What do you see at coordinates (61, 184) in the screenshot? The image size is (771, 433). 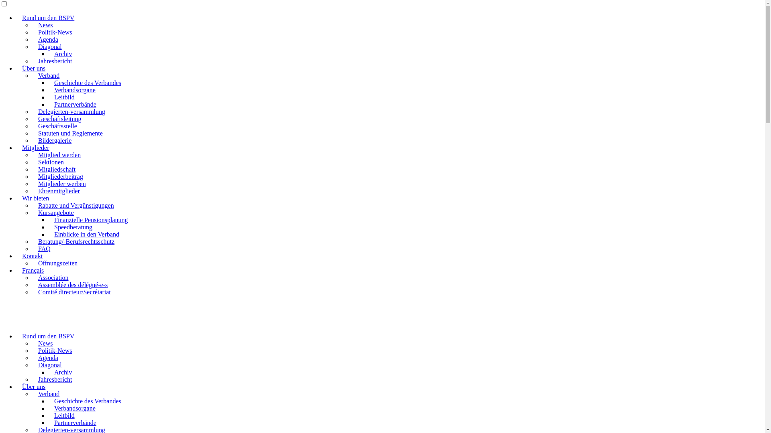 I see `'Mitglieder werben'` at bounding box center [61, 184].